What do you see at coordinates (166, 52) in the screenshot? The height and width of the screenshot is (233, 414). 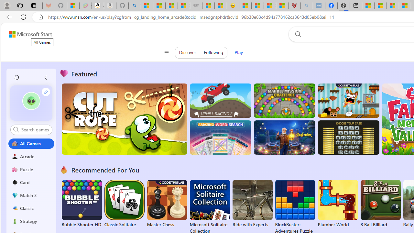 I see `'Class: control icon-only'` at bounding box center [166, 52].